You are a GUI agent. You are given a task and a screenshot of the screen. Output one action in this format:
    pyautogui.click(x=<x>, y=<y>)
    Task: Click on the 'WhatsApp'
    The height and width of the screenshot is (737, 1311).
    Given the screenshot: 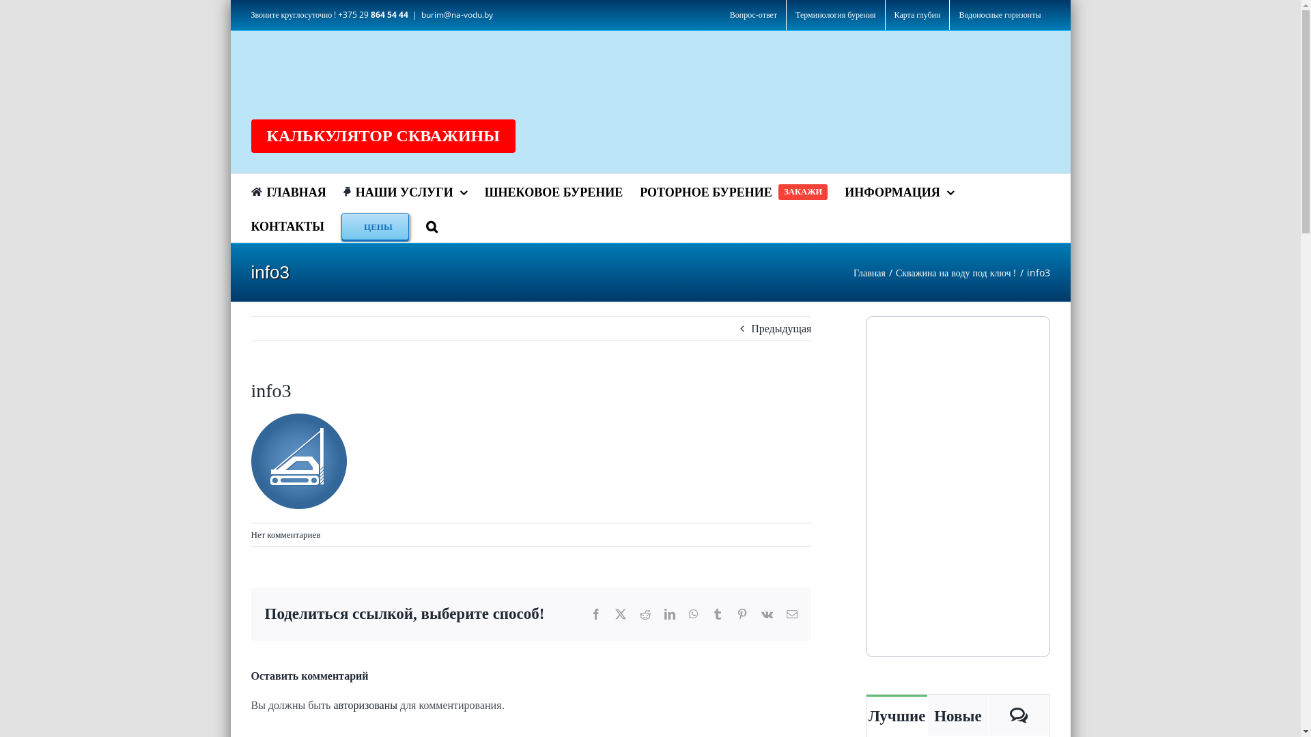 What is the action you would take?
    pyautogui.click(x=688, y=613)
    